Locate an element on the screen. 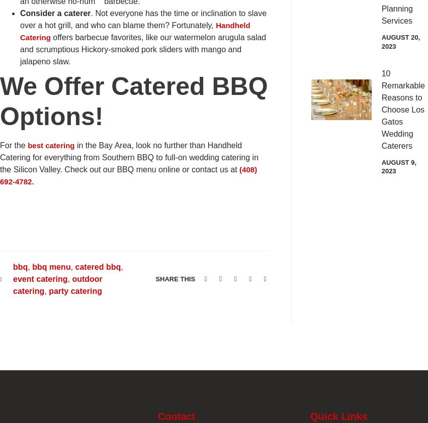  'bbq' is located at coordinates (20, 266).